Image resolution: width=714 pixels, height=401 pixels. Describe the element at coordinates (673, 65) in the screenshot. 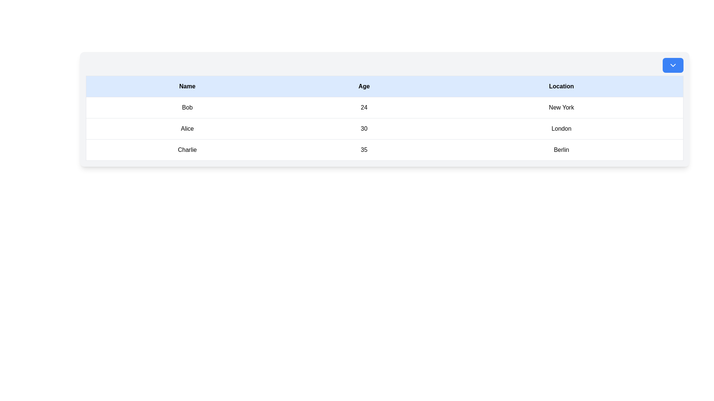

I see `the blue rectangular button with rounded corners featuring a downward chevron arrow icon for keyboard interaction` at that location.